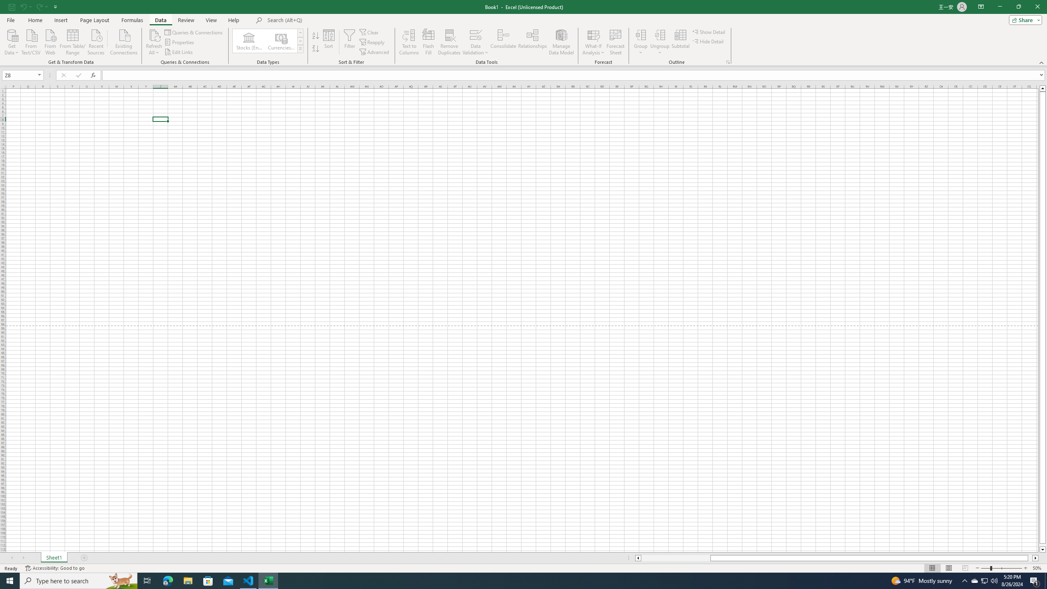  What do you see at coordinates (234, 20) in the screenshot?
I see `'Help'` at bounding box center [234, 20].